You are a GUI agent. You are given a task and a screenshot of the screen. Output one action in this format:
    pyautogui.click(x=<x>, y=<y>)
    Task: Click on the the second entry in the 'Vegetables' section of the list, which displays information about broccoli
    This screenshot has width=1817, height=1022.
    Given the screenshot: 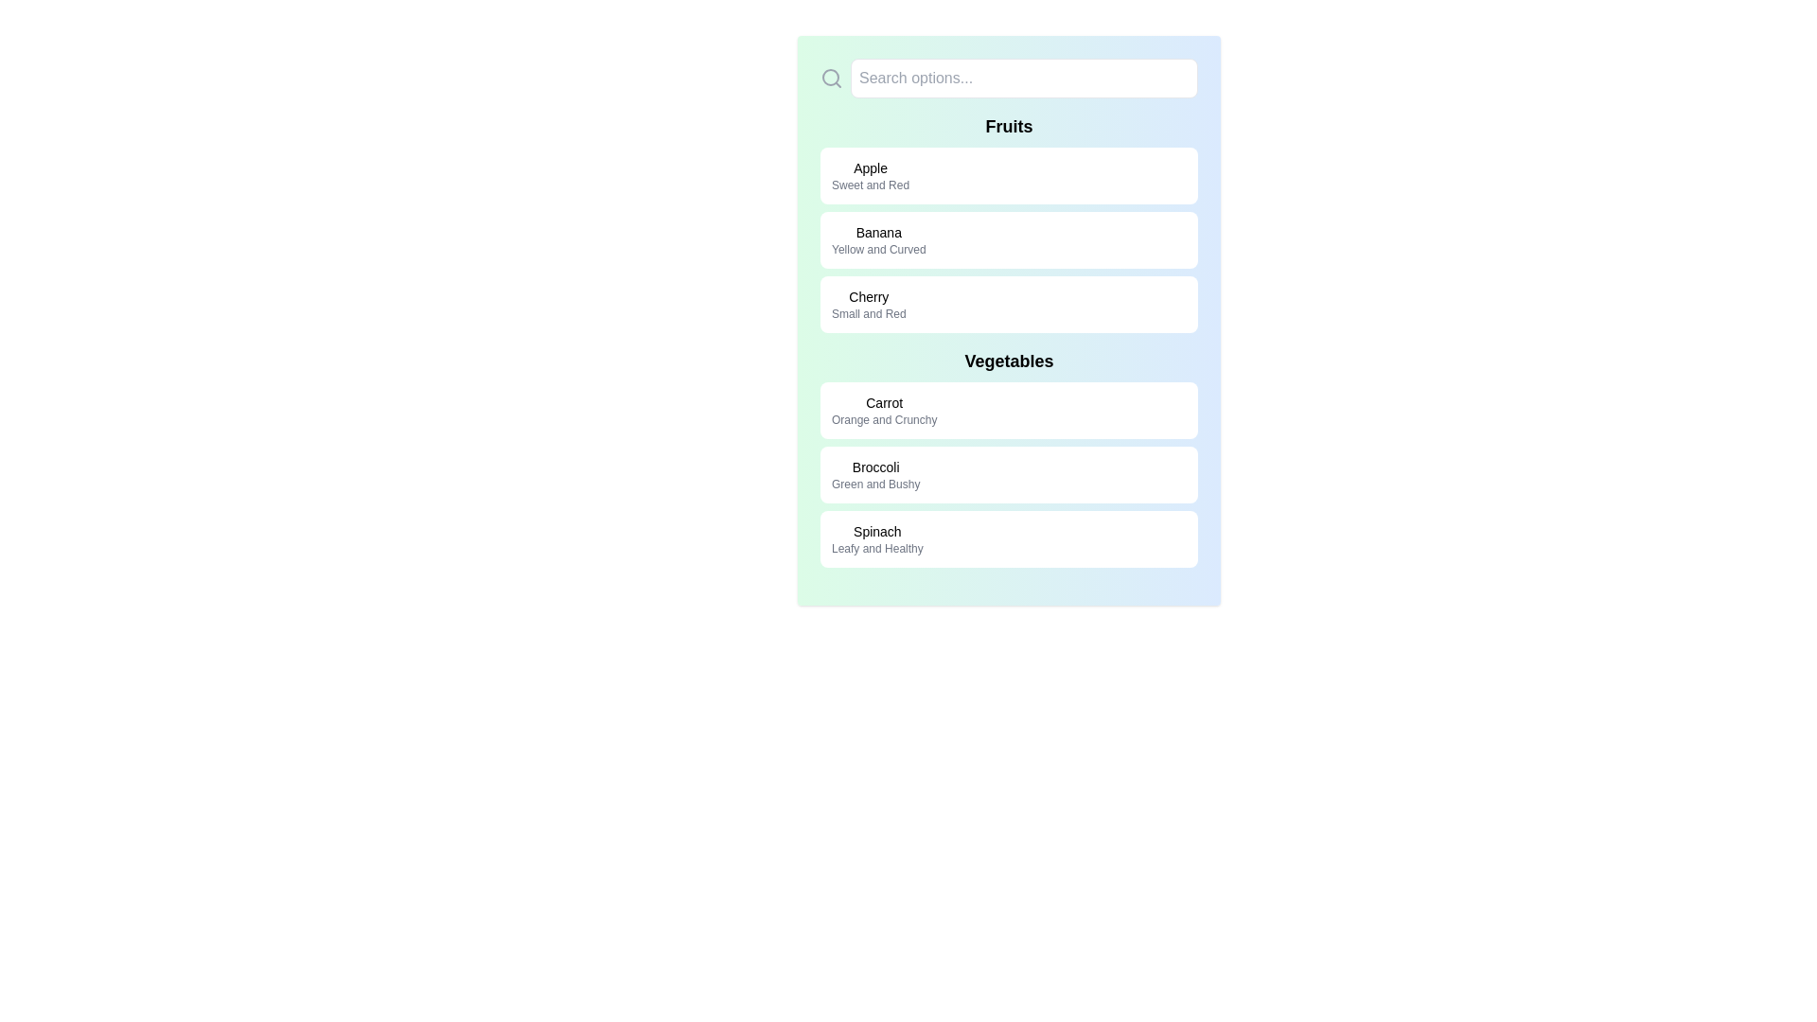 What is the action you would take?
    pyautogui.click(x=1008, y=457)
    